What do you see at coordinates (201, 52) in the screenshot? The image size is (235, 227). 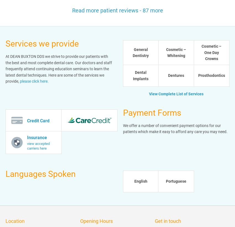 I see `'Cosmetic – One Day Crowns'` at bounding box center [201, 52].